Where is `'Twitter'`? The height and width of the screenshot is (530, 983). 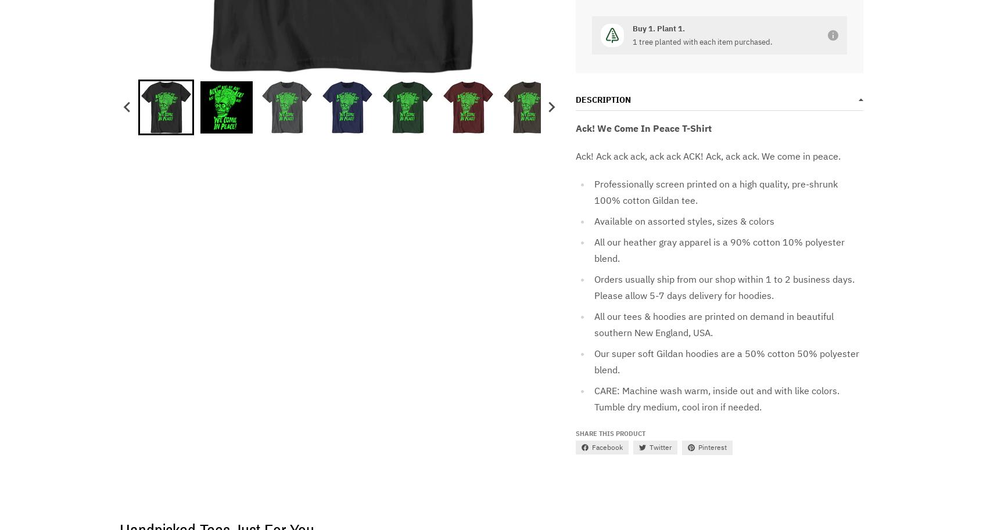
'Twitter' is located at coordinates (649, 447).